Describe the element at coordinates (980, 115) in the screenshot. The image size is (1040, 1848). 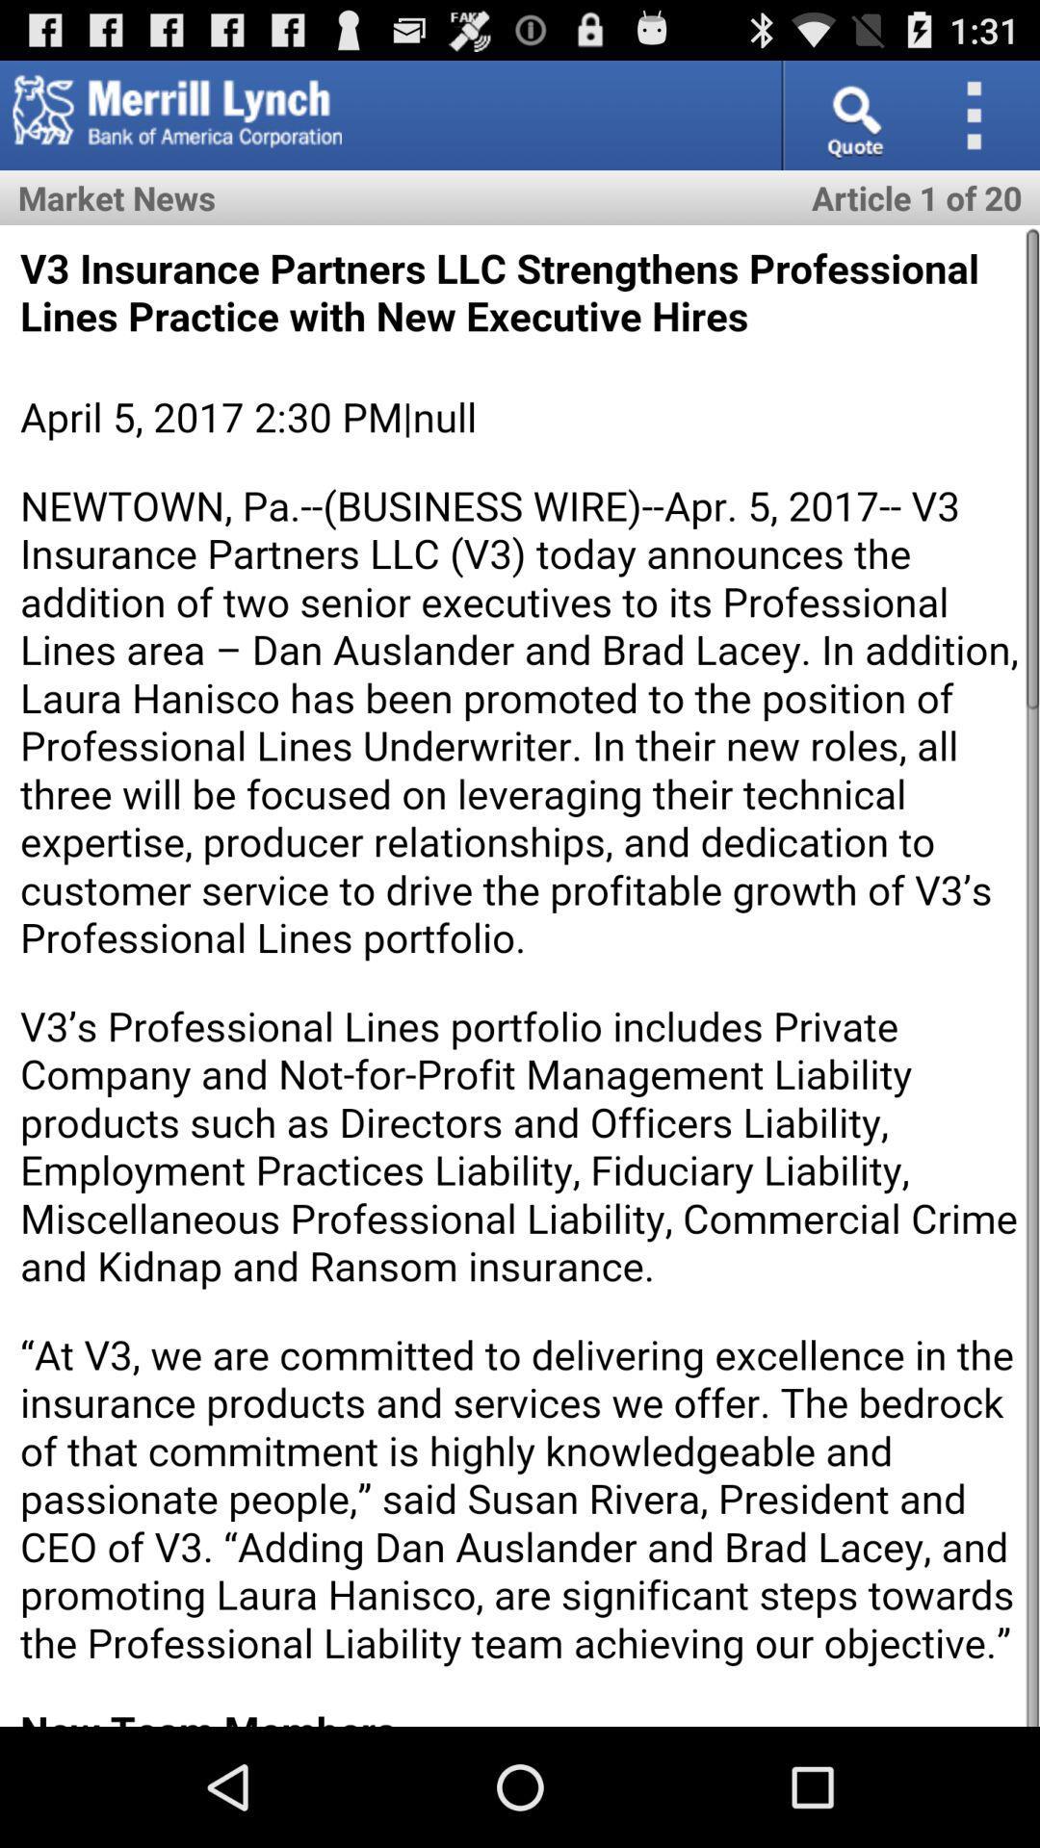
I see `option button` at that location.